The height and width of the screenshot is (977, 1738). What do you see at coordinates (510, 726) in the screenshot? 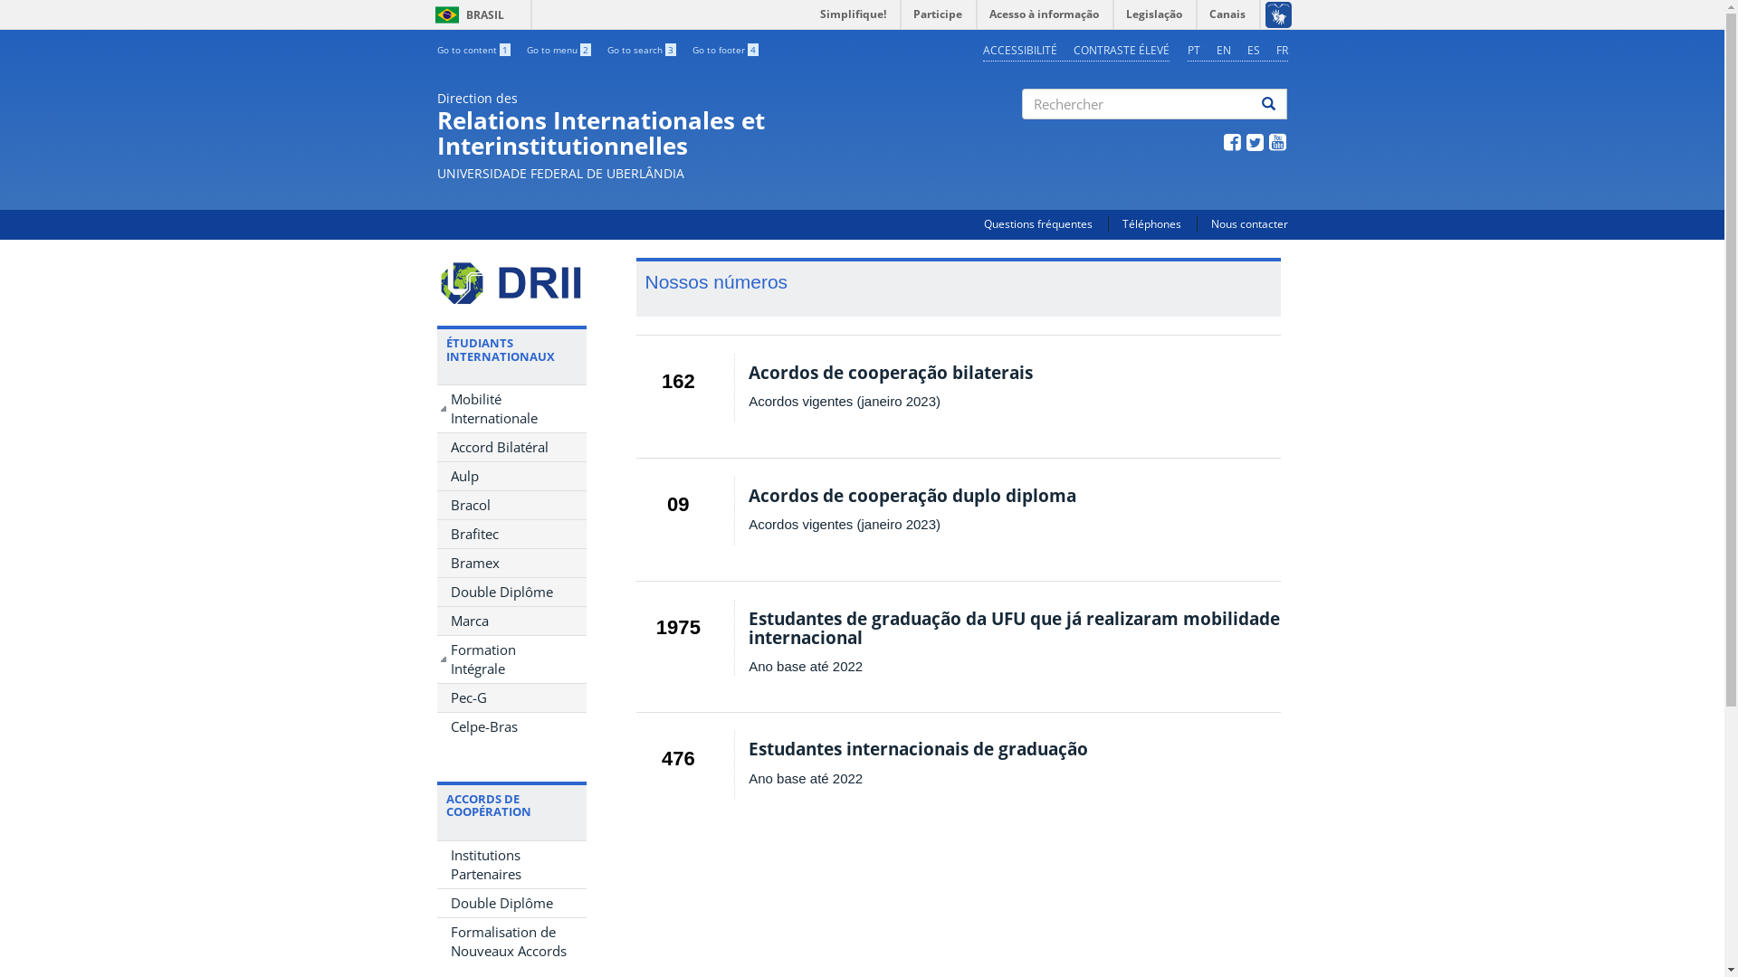
I see `'Celpe-Bras'` at bounding box center [510, 726].